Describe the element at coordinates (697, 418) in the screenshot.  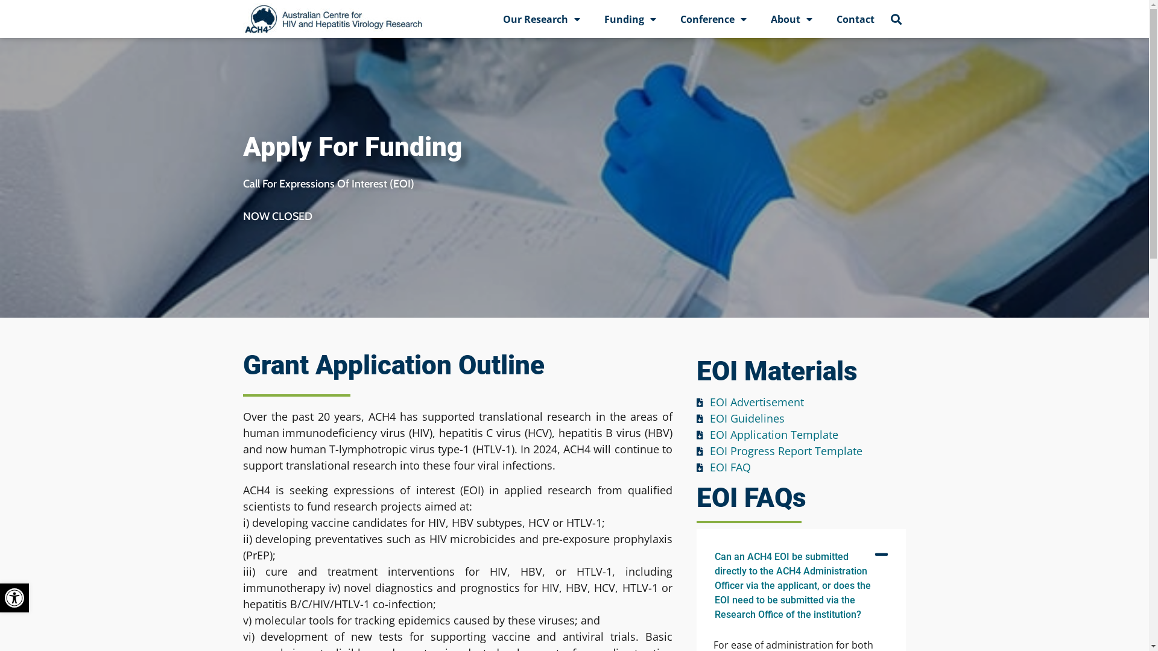
I see `'EOI Guidelines'` at that location.